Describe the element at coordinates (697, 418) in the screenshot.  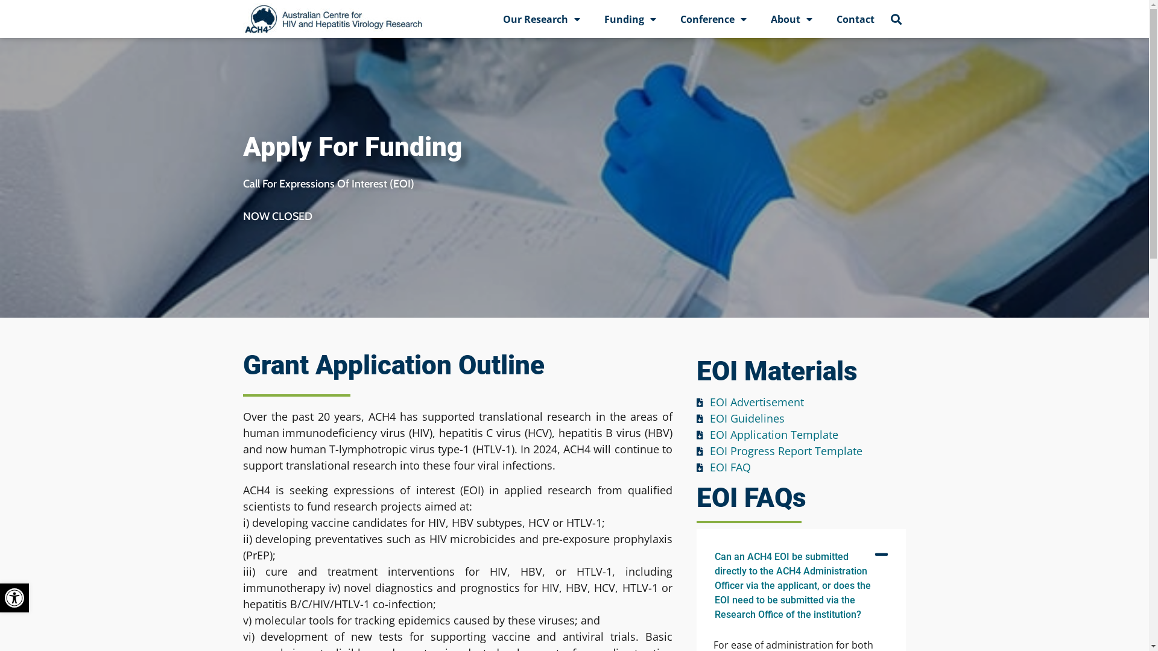
I see `'EOI Guidelines'` at that location.